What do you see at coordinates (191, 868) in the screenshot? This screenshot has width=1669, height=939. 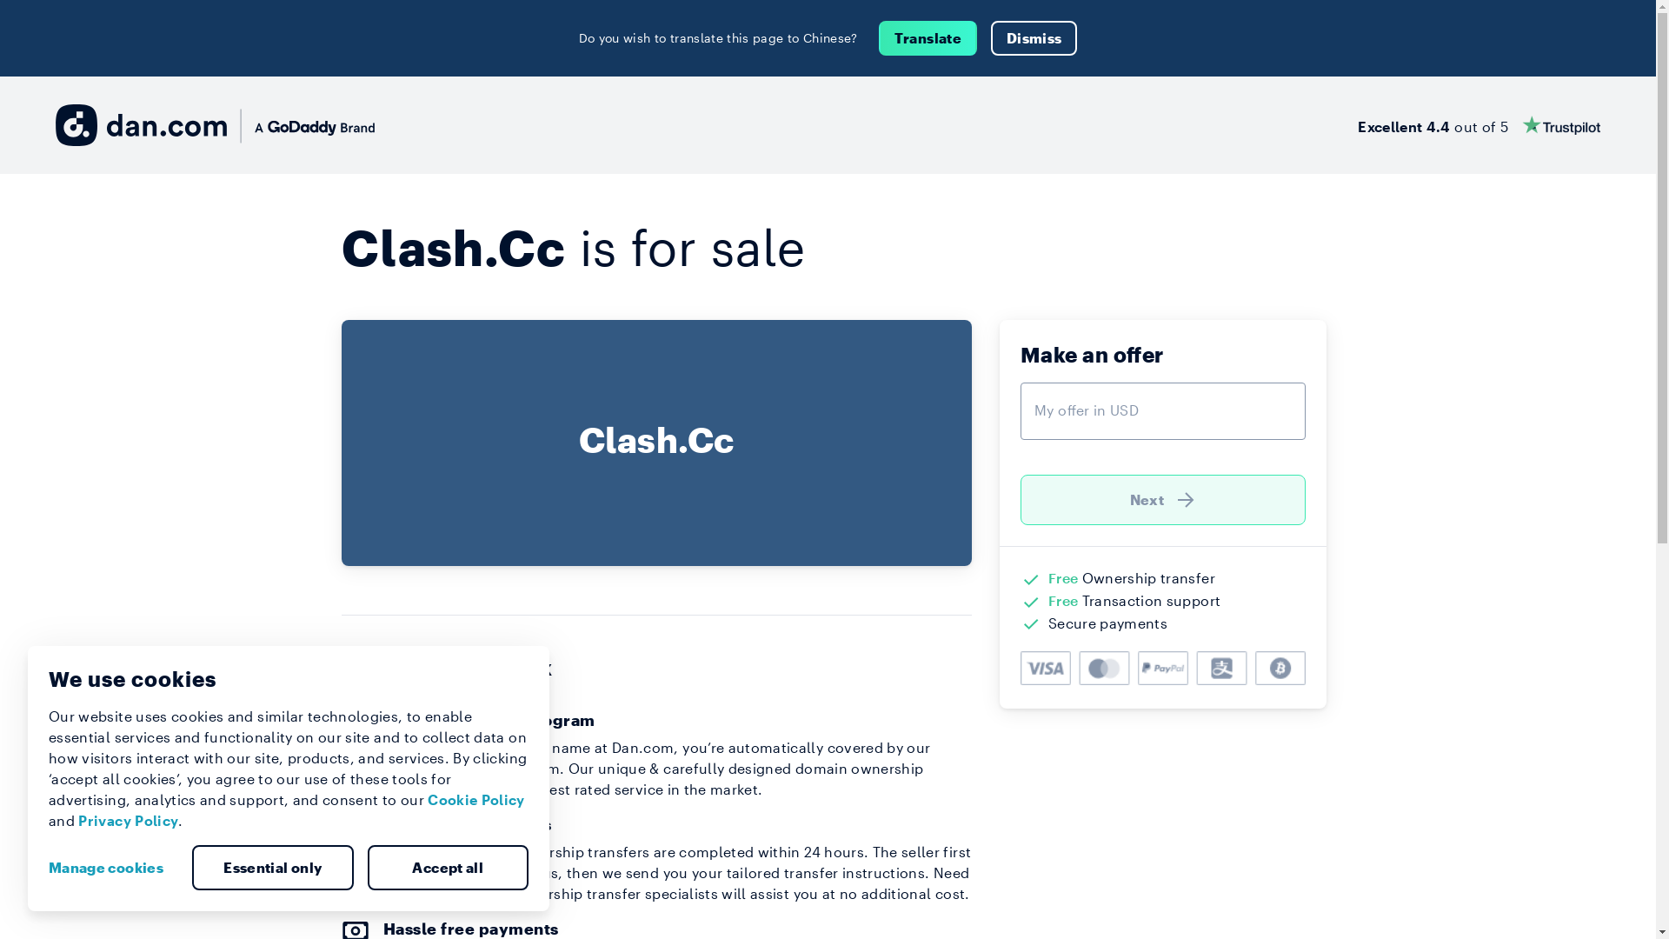 I see `'Essential only'` at bounding box center [191, 868].